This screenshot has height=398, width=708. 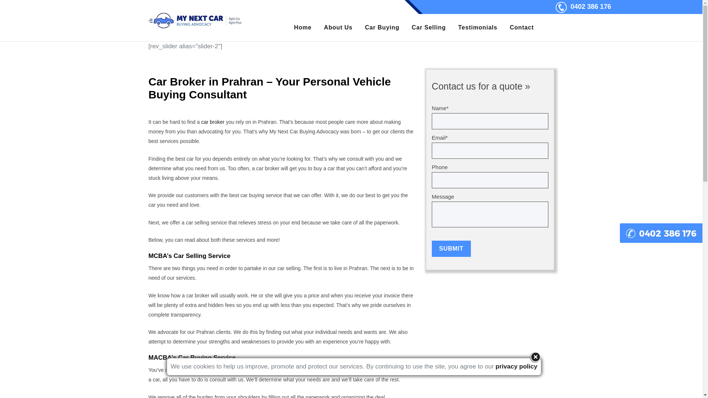 I want to click on 'Contact', so click(x=521, y=27).